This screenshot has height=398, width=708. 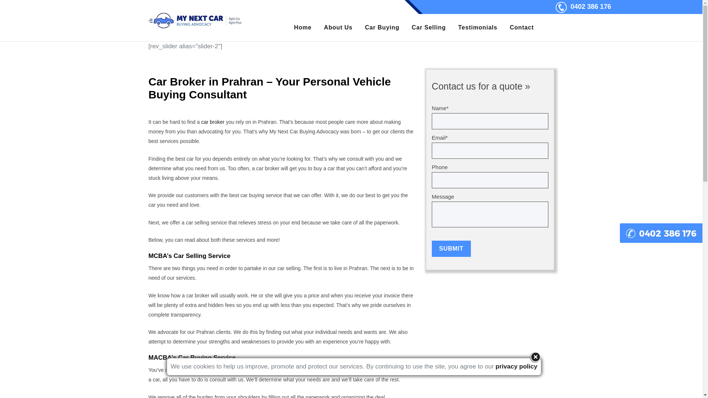 I want to click on 'Contact', so click(x=521, y=27).